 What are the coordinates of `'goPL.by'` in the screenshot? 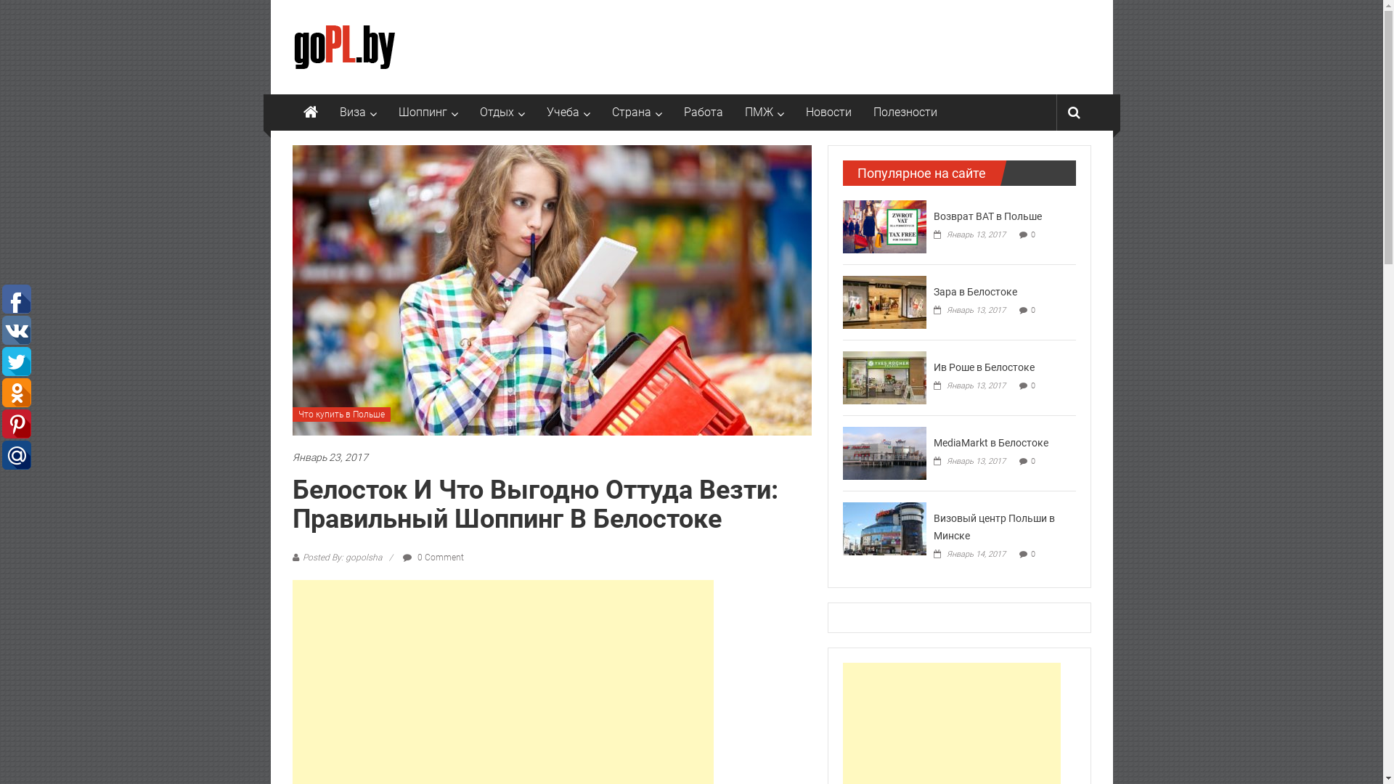 It's located at (330, 28).